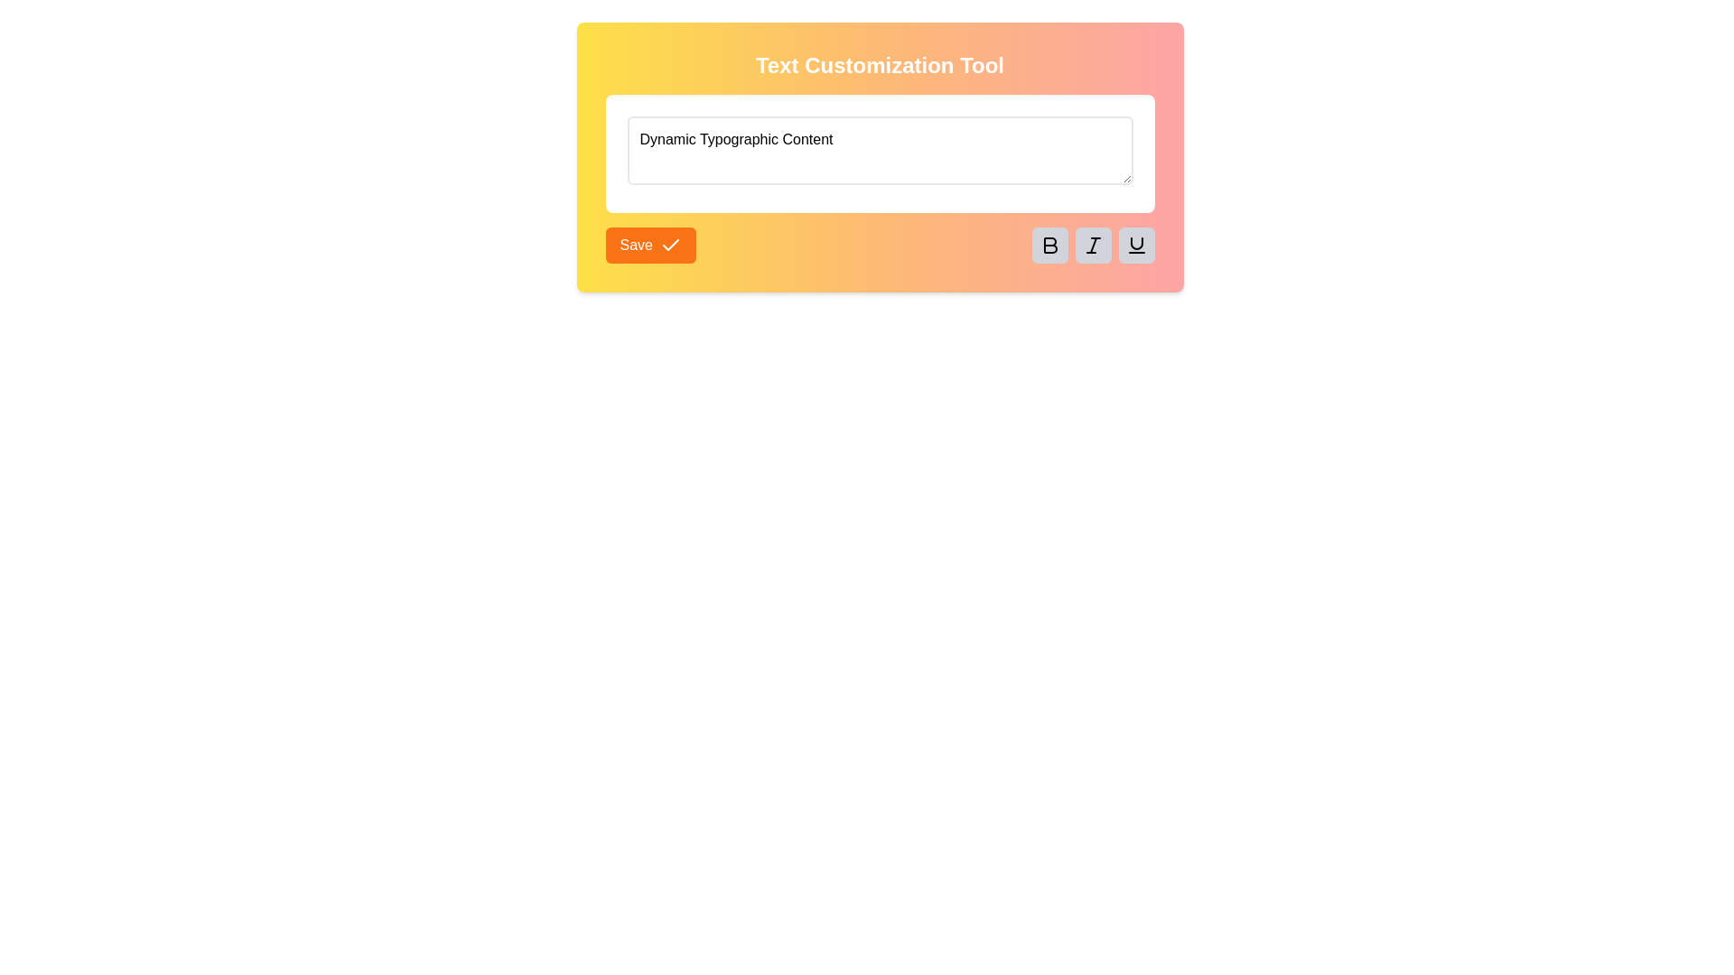 This screenshot has height=975, width=1734. What do you see at coordinates (1092, 246) in the screenshot?
I see `the italic toggle button, which is the second button ('I') from the left in a group of formatting buttons below the input area` at bounding box center [1092, 246].